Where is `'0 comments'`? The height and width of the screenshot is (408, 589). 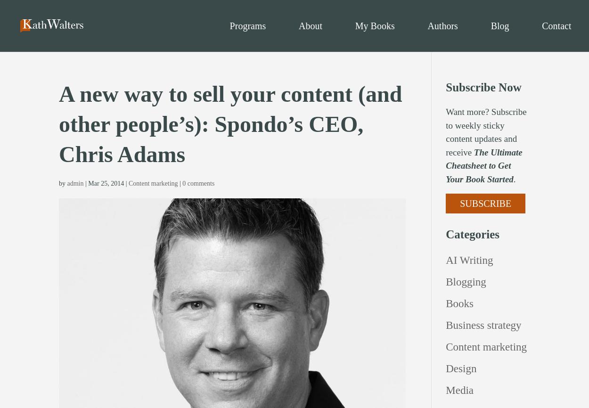 '0 comments' is located at coordinates (182, 183).